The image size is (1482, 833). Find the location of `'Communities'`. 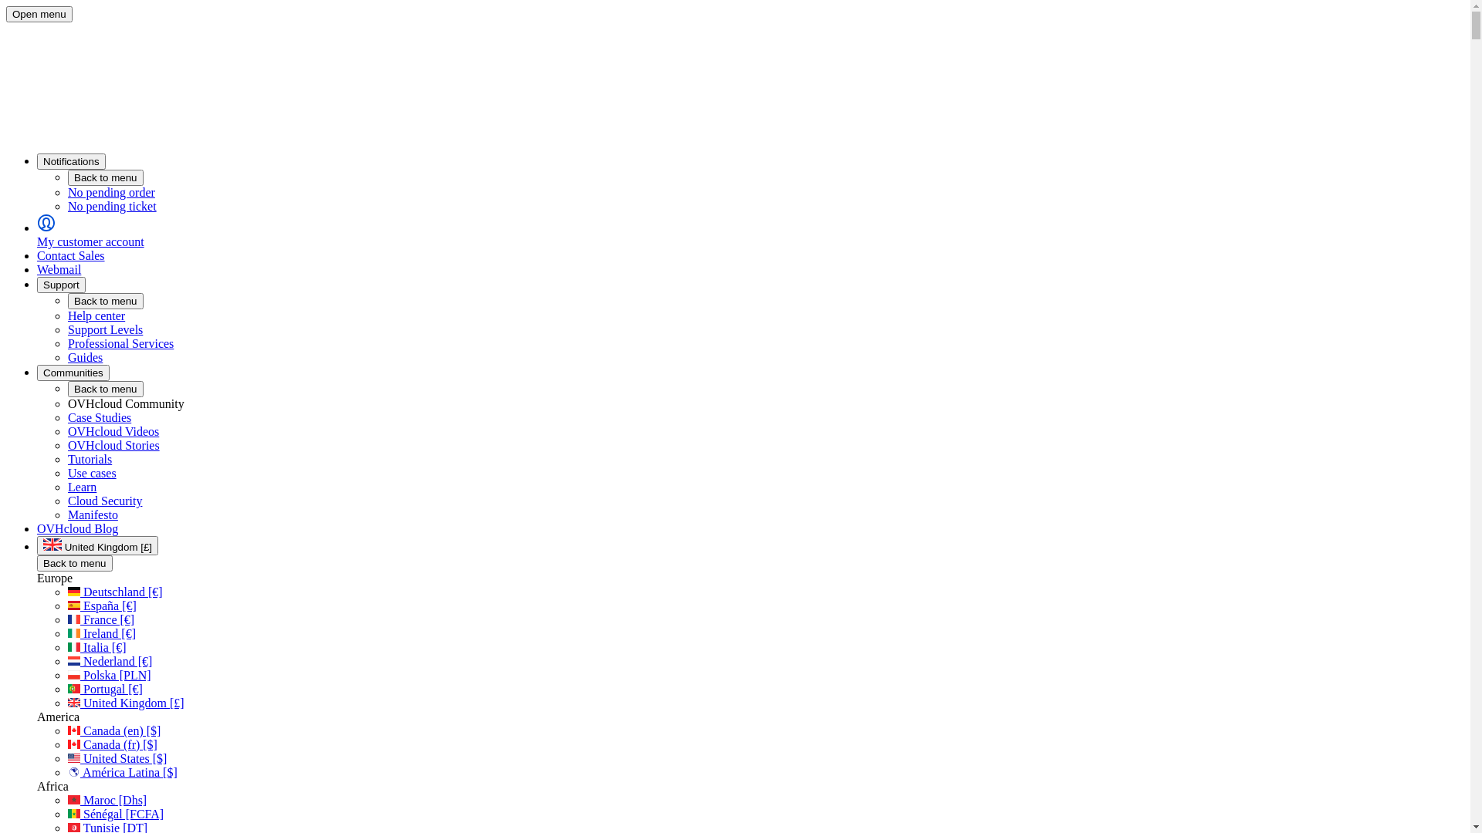

'Communities' is located at coordinates (73, 373).